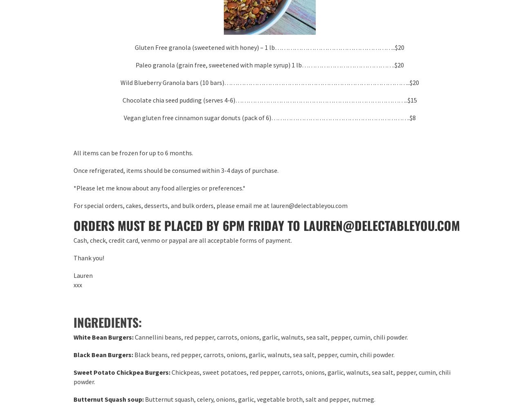 The height and width of the screenshot is (407, 531). I want to click on 'Butternut Squash soup:', so click(108, 398).